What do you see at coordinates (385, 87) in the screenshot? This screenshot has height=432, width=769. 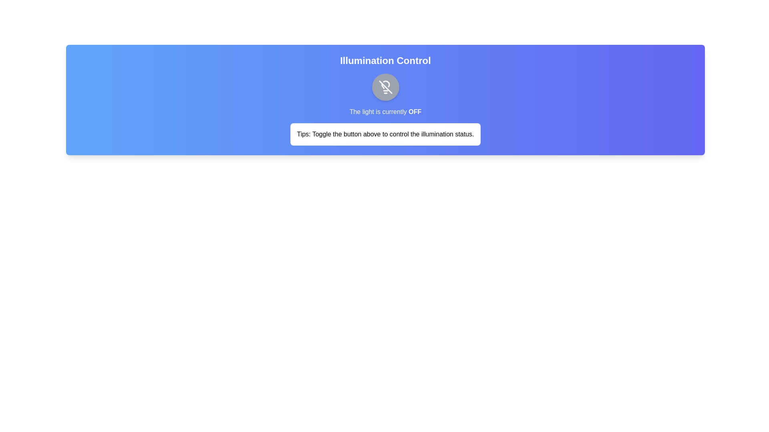 I see `the toggle button to change the illumination state` at bounding box center [385, 87].